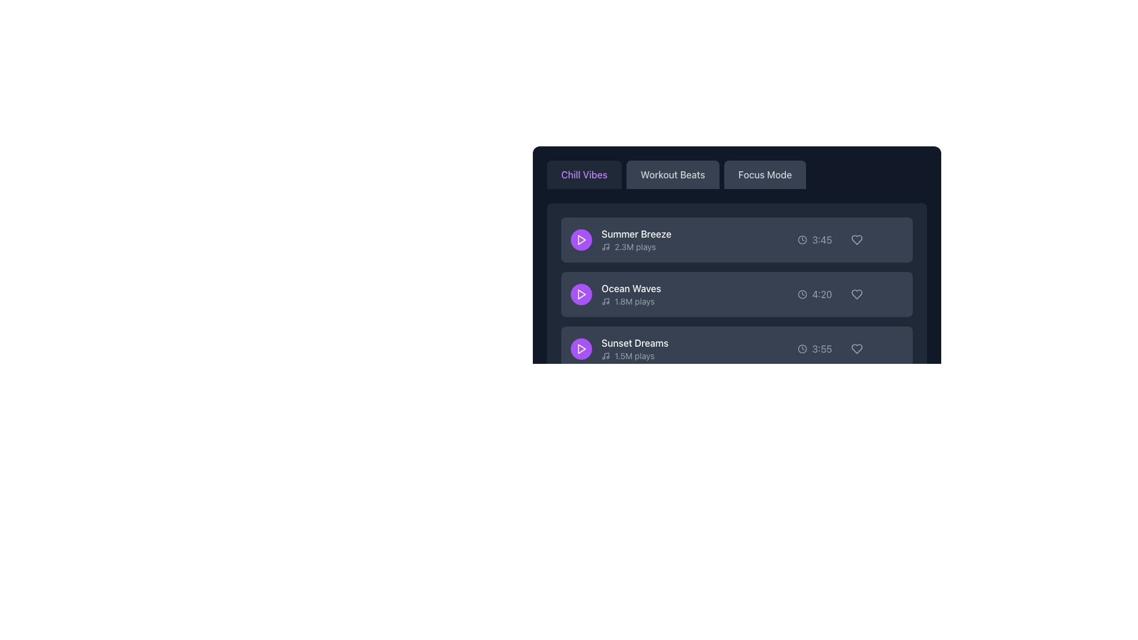  I want to click on the small music note icon located to the left of the '1.5M plays' text in the third card of the song 'Sunset Dreams', so click(606, 356).